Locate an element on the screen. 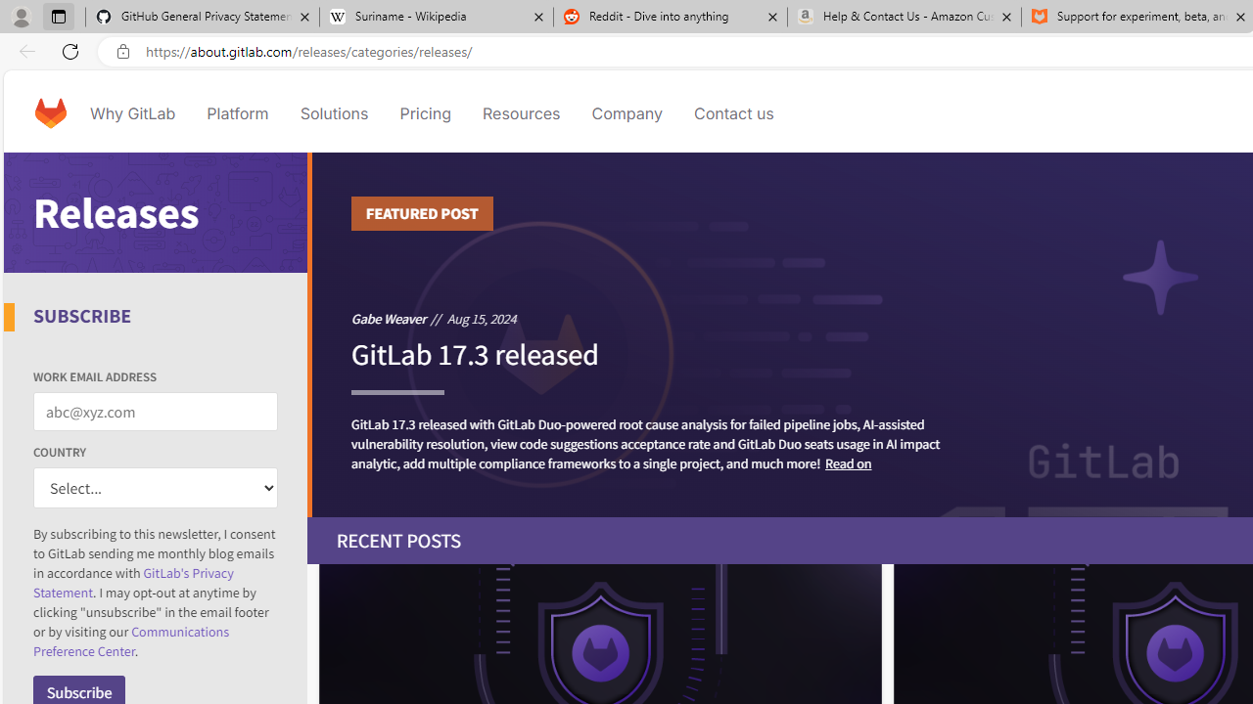 Image resolution: width=1253 pixels, height=704 pixels. 'Gabe Weaver' is located at coordinates (389, 317).